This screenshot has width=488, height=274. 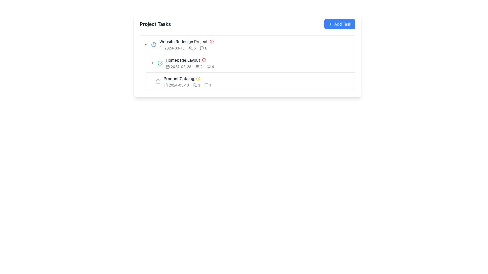 I want to click on the rounded rectangle element within the calendar icon for the 'Website Redesign Project' task, located next to its due date, so click(x=161, y=48).